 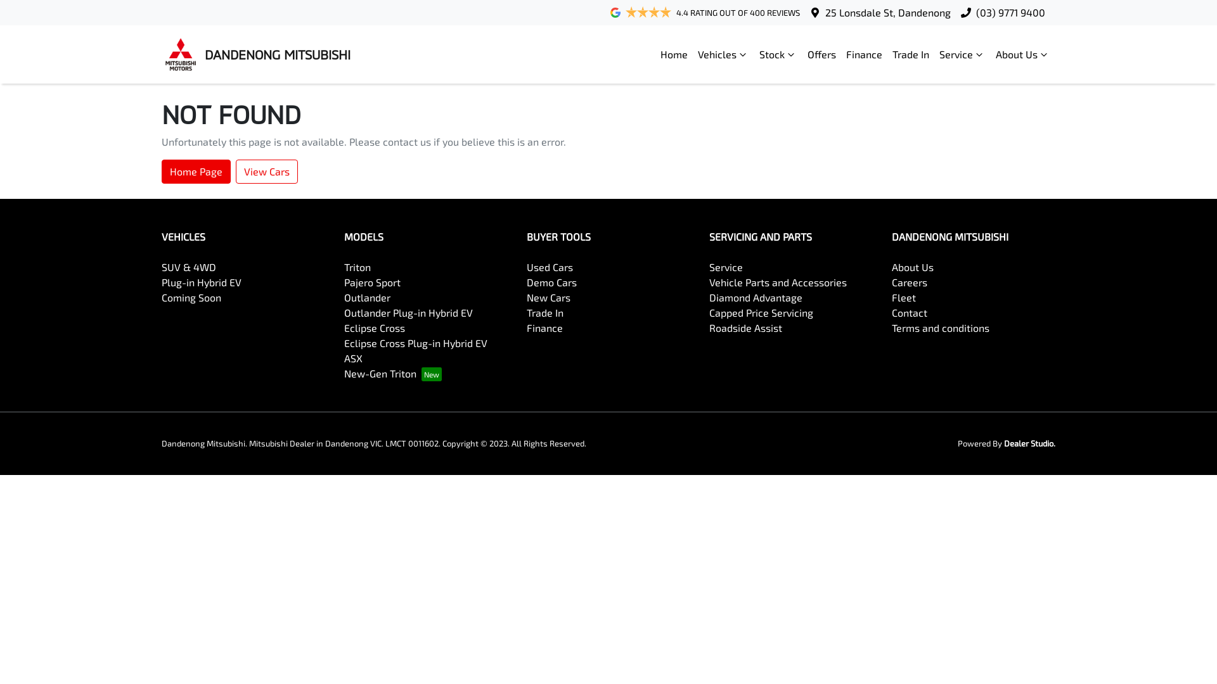 I want to click on 'Diamond Advantage', so click(x=756, y=297).